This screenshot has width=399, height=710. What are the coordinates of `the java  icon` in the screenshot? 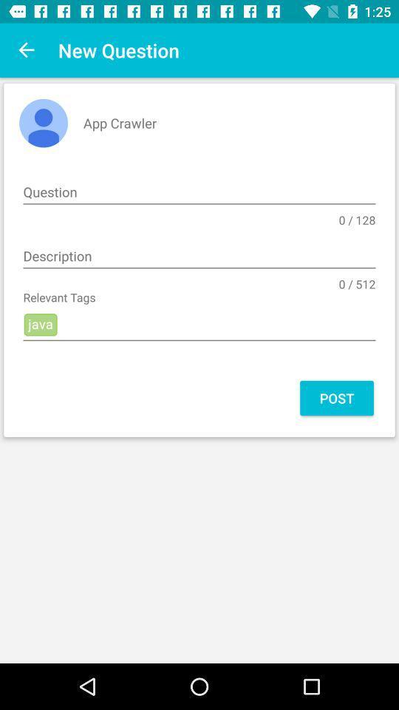 It's located at (199, 325).